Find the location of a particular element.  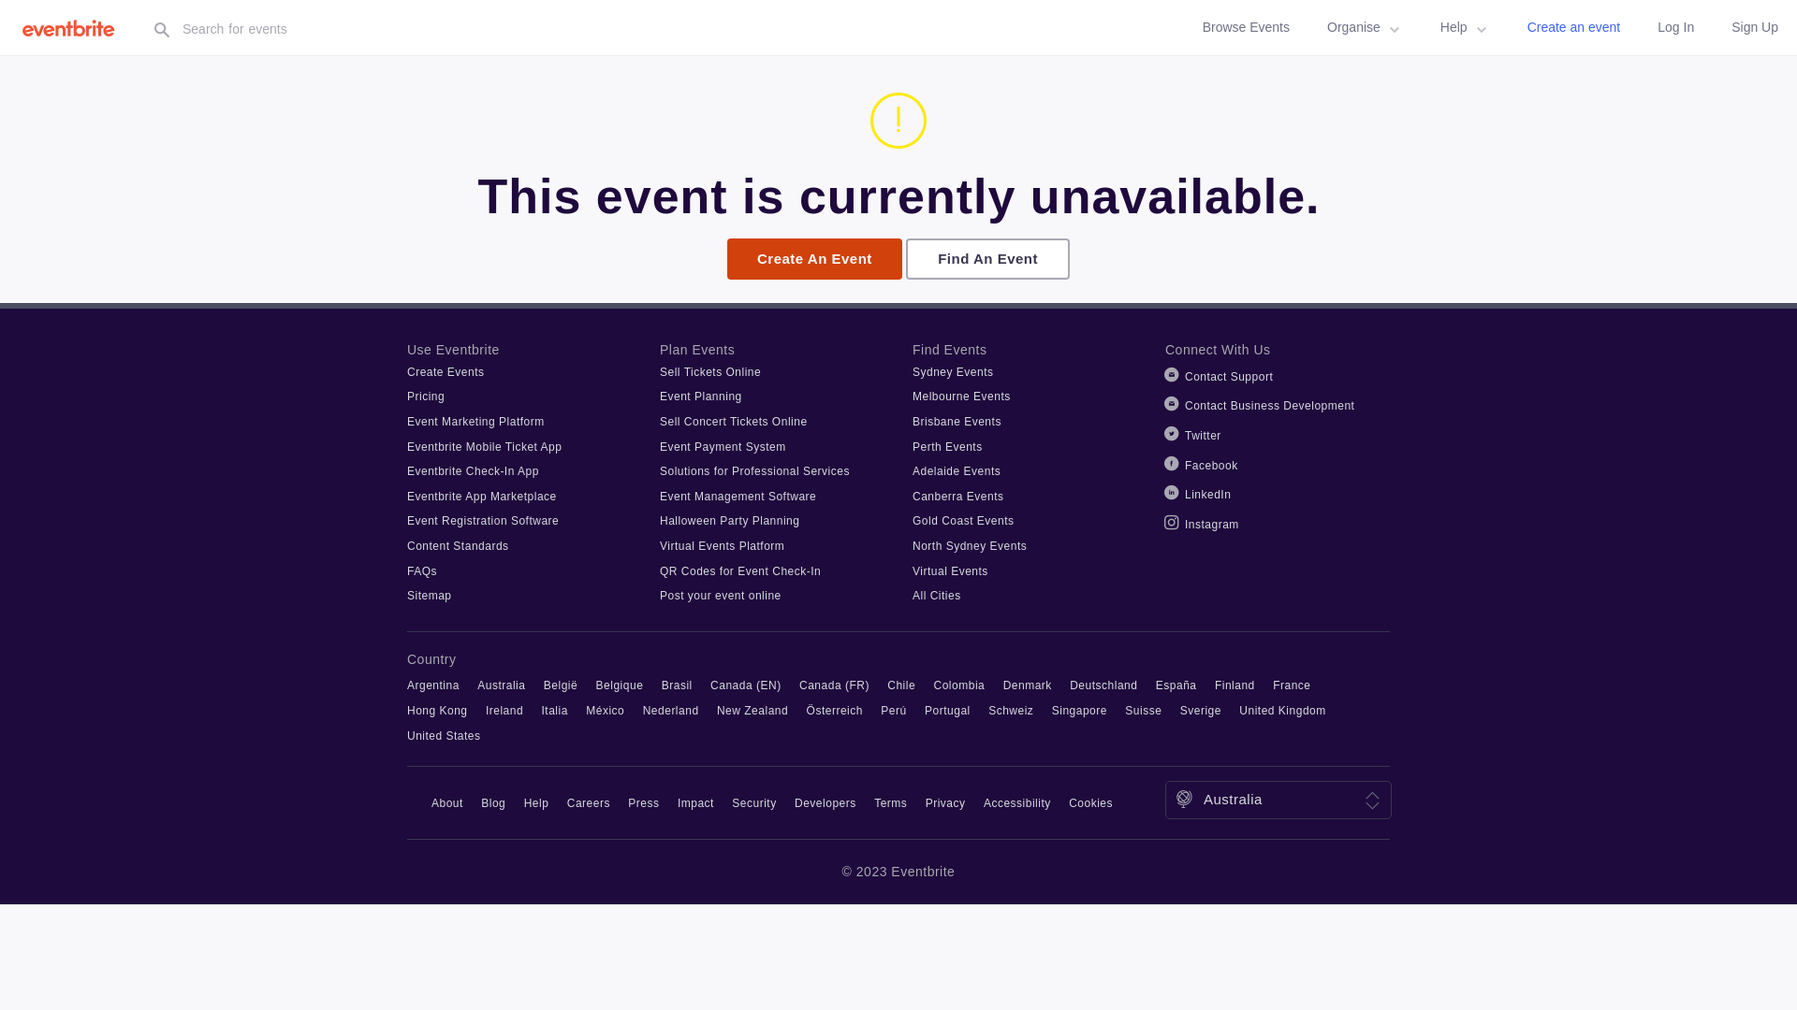

'About' is located at coordinates (446, 802).